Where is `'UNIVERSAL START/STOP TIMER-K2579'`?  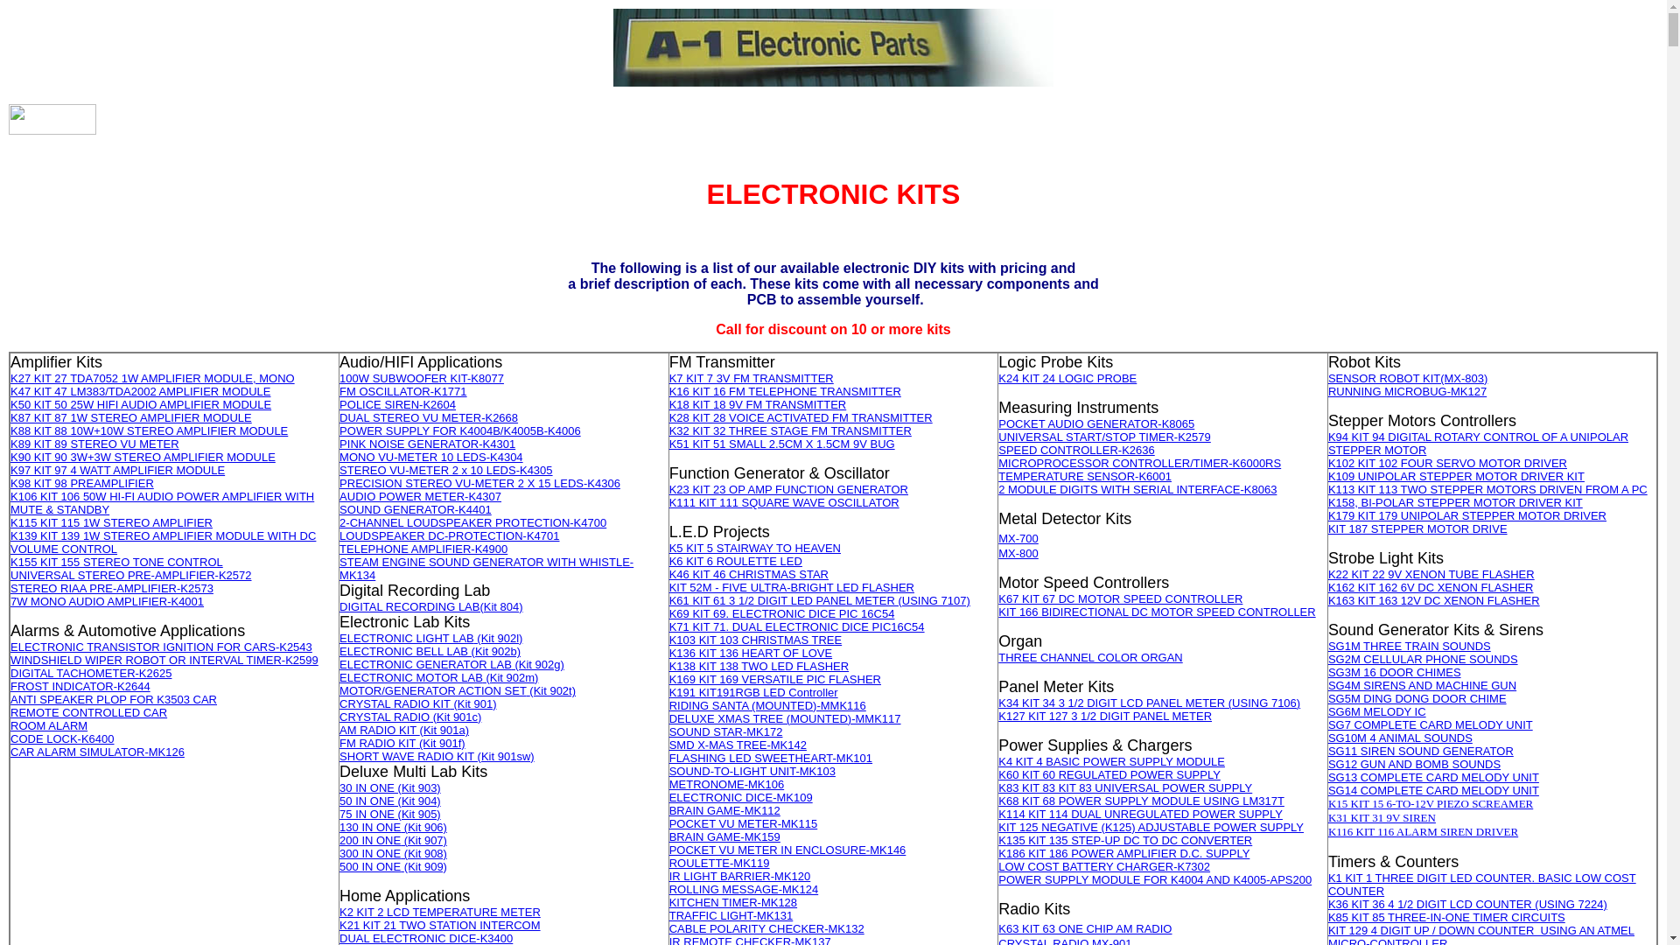 'UNIVERSAL START/STOP TIMER-K2579' is located at coordinates (1103, 436).